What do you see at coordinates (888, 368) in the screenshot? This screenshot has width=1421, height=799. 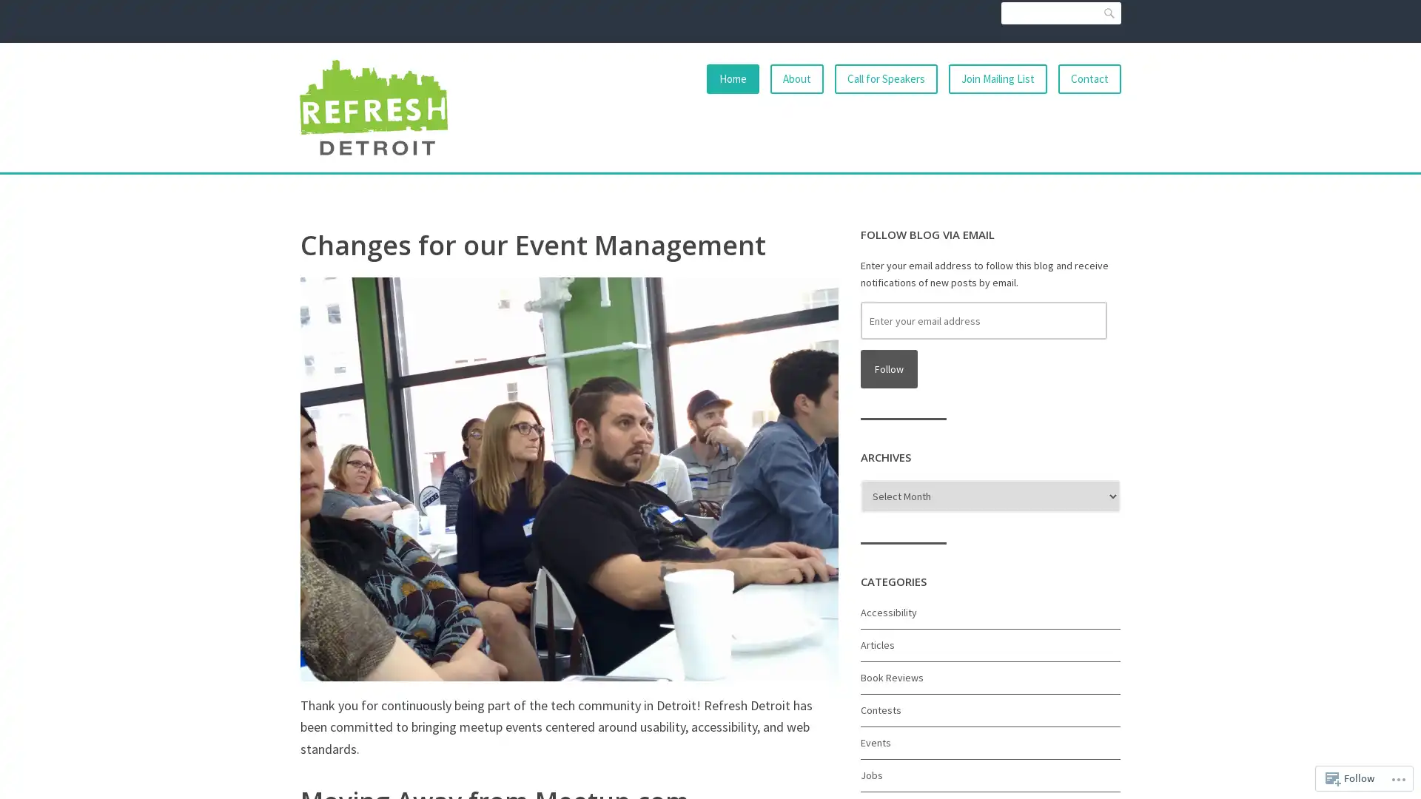 I see `Follow` at bounding box center [888, 368].